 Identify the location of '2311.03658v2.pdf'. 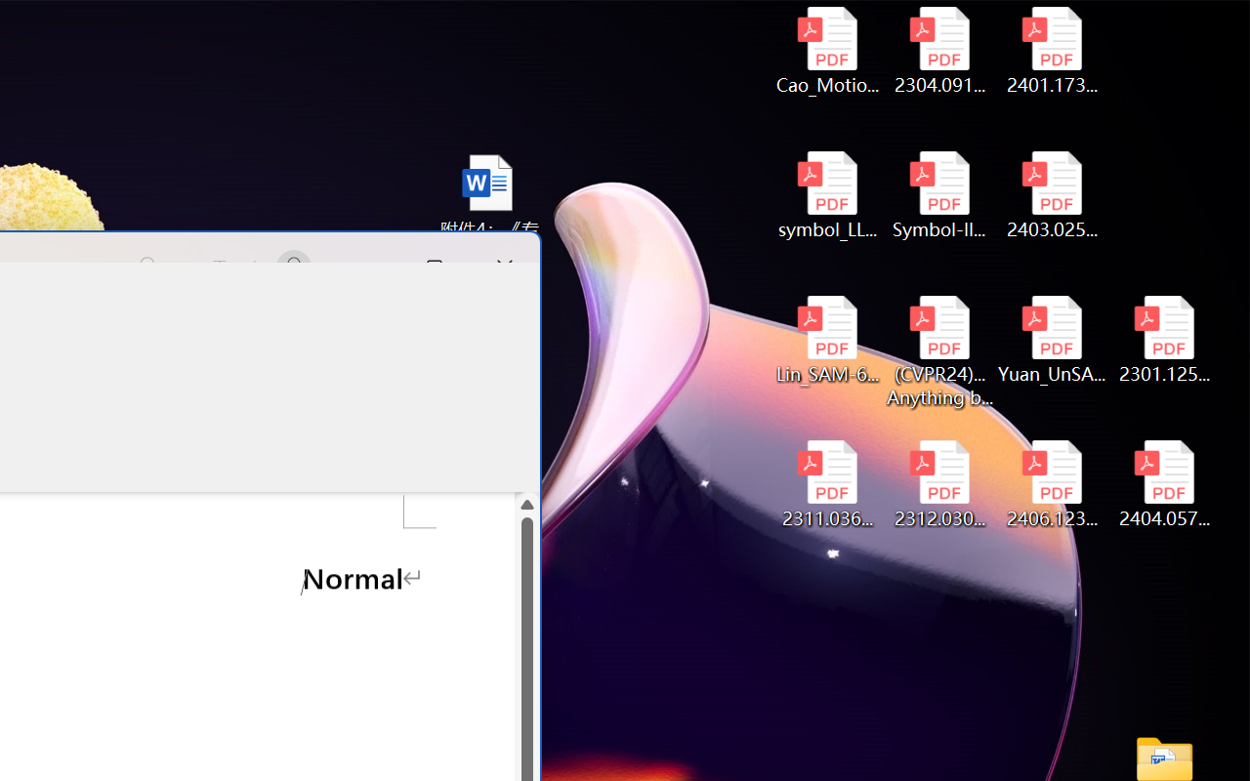
(827, 484).